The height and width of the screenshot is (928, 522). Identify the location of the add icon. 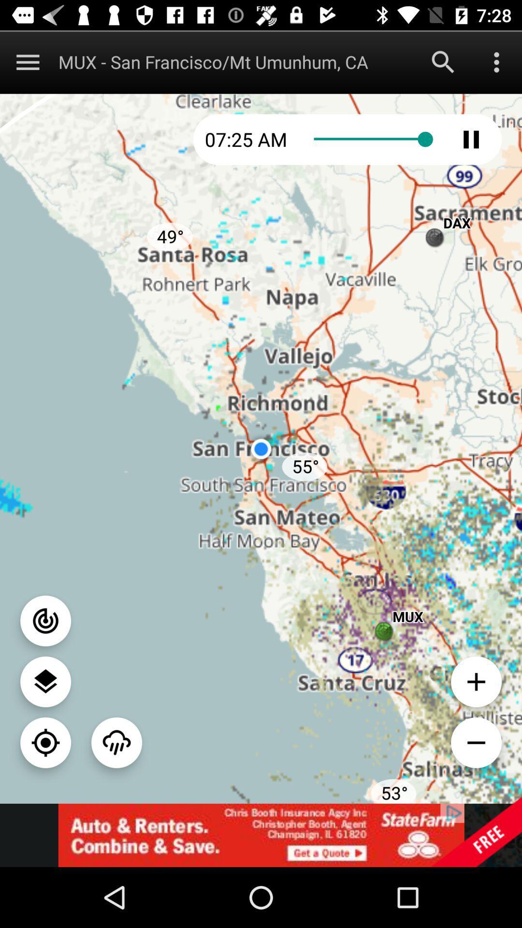
(476, 681).